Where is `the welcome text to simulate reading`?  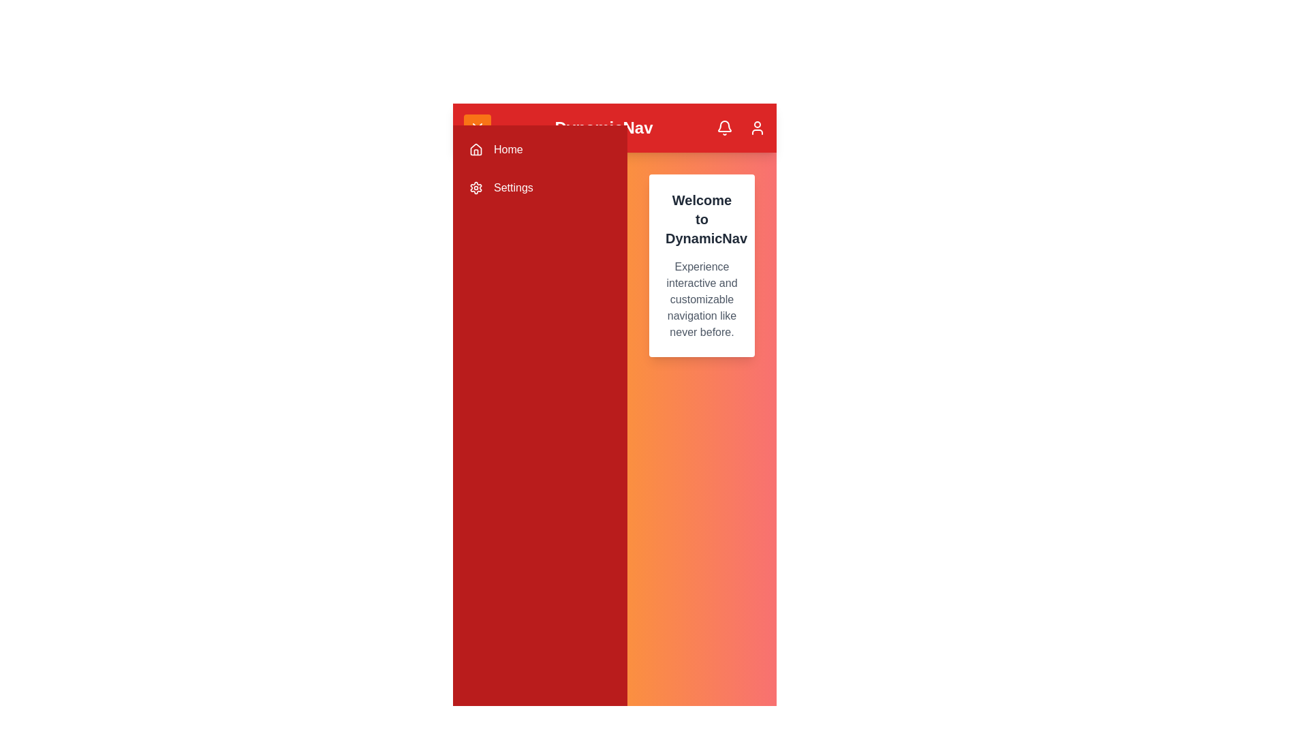
the welcome text to simulate reading is located at coordinates (702, 265).